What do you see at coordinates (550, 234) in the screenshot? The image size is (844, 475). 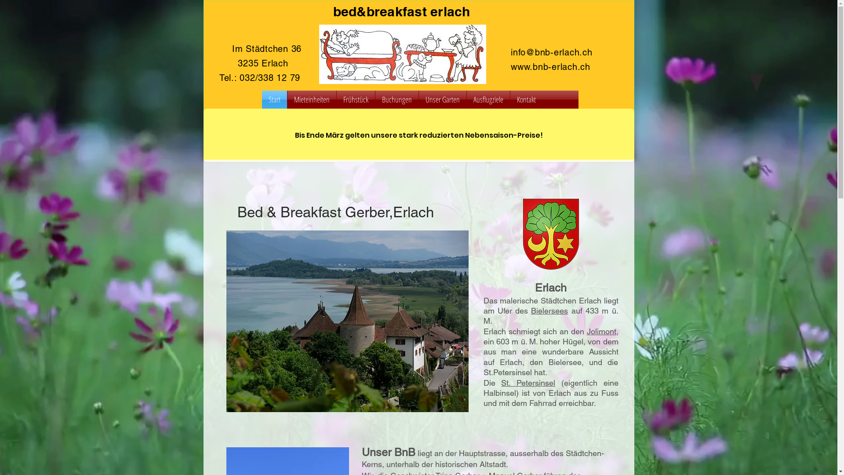 I see `'Erlacher Wappen.png'` at bounding box center [550, 234].